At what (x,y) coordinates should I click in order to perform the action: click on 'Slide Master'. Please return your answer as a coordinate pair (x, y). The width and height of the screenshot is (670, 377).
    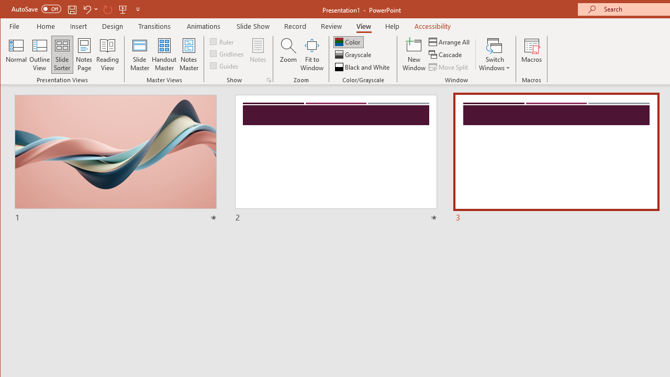
    Looking at the image, I should click on (139, 54).